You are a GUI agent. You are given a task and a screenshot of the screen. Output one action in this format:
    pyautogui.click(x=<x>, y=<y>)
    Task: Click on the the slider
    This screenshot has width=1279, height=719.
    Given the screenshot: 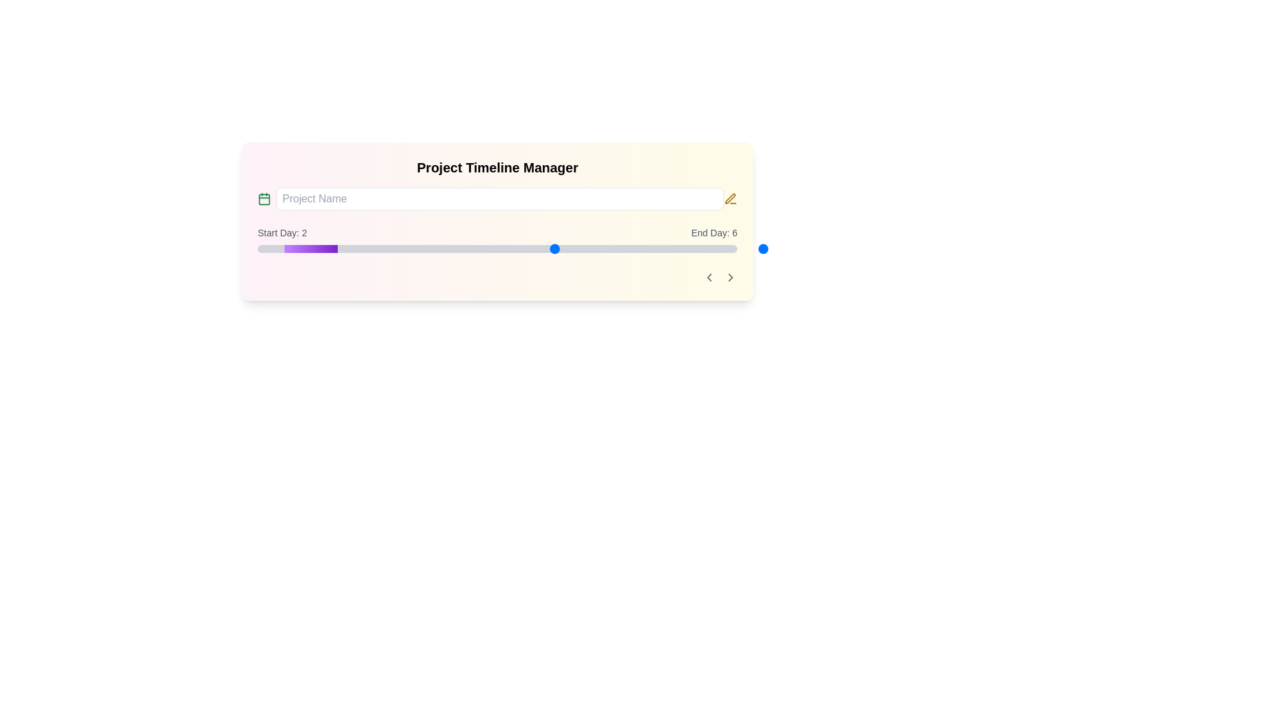 What is the action you would take?
    pyautogui.click(x=604, y=249)
    